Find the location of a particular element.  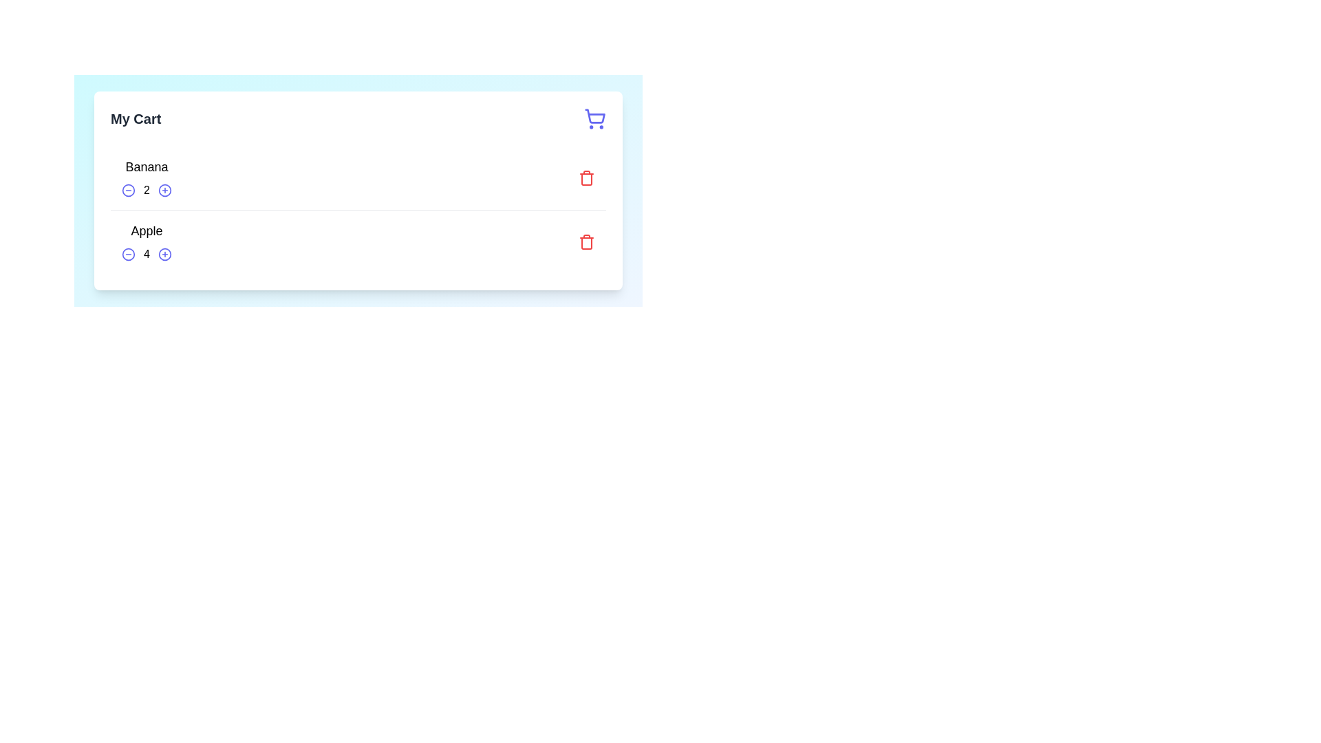

the purple shopping cart icon located at the top-right corner of the 'My Cart' heading section, adjacent to the 'My Cart' title text is located at coordinates (594, 118).